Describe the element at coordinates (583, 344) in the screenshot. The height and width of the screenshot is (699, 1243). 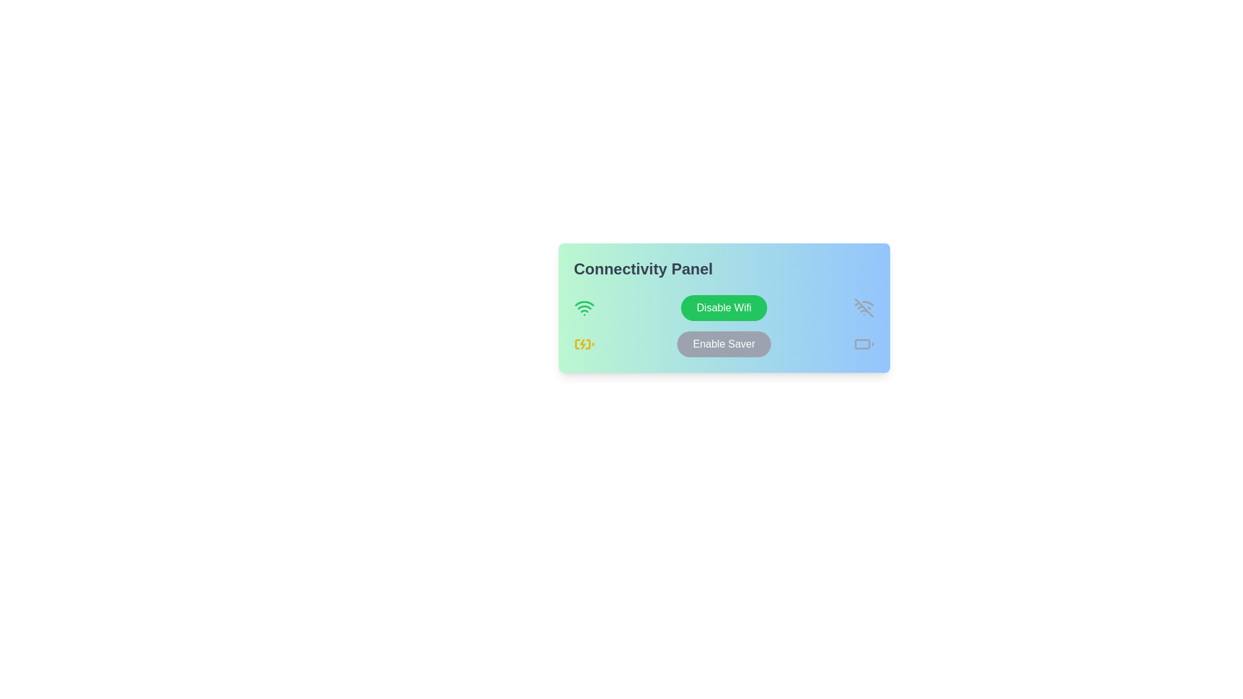
I see `the yellow battery charging icon with a lightning bolt, located in the connectivity panel, positioned above the 'Enable Saver' button` at that location.